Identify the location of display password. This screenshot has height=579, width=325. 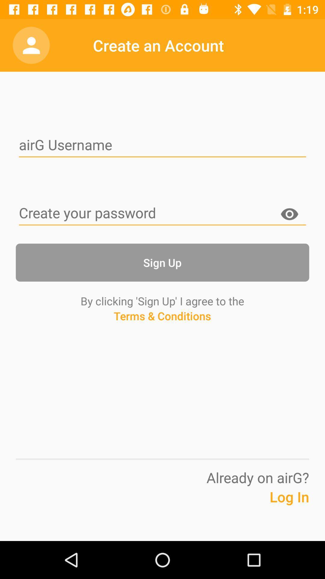
(289, 215).